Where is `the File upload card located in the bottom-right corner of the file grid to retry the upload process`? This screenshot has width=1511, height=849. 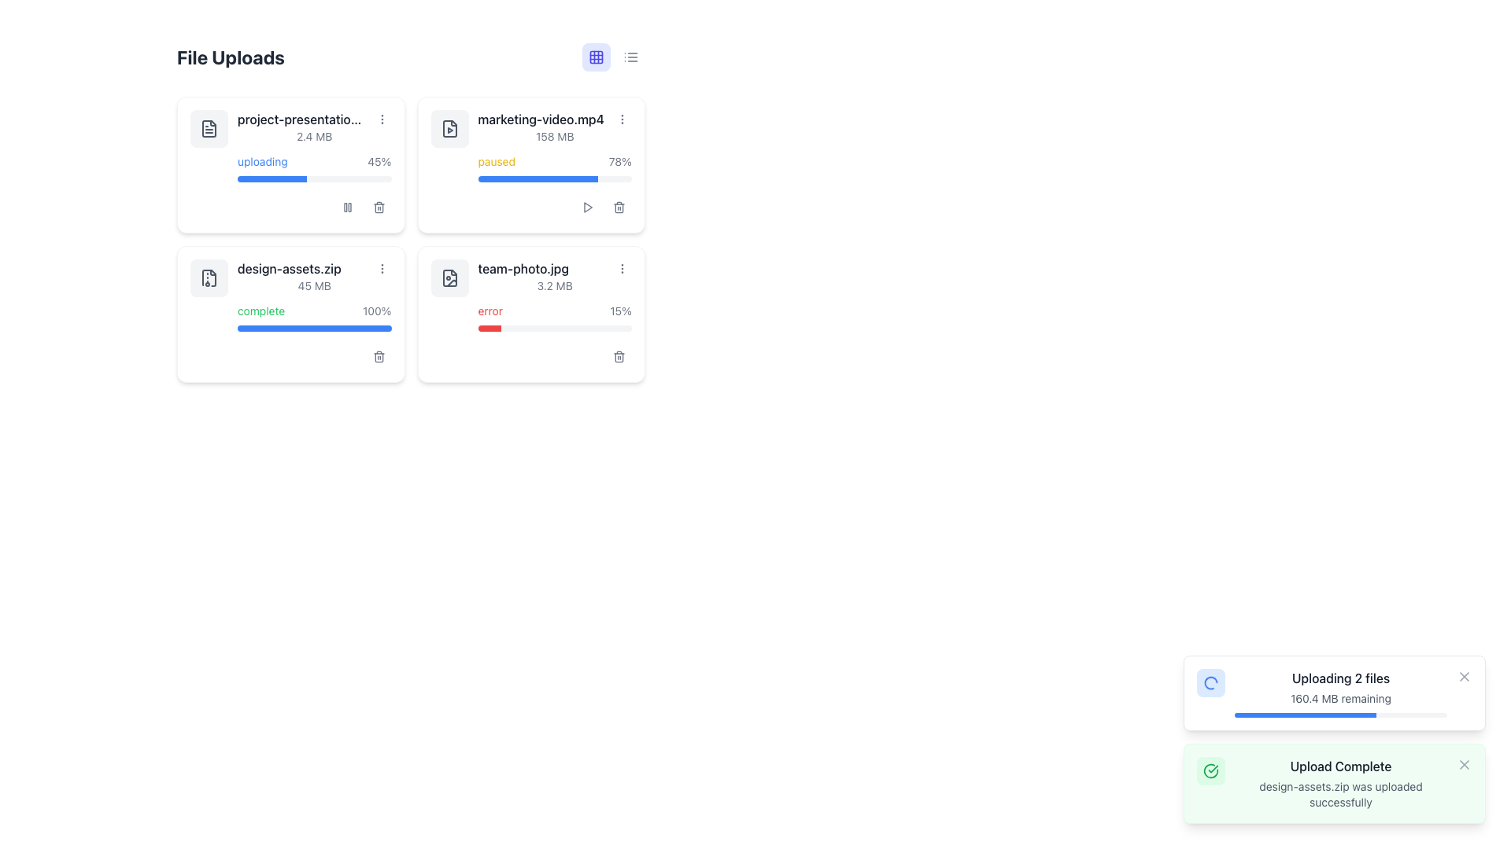
the File upload card located in the bottom-right corner of the file grid to retry the upload process is located at coordinates (531, 314).